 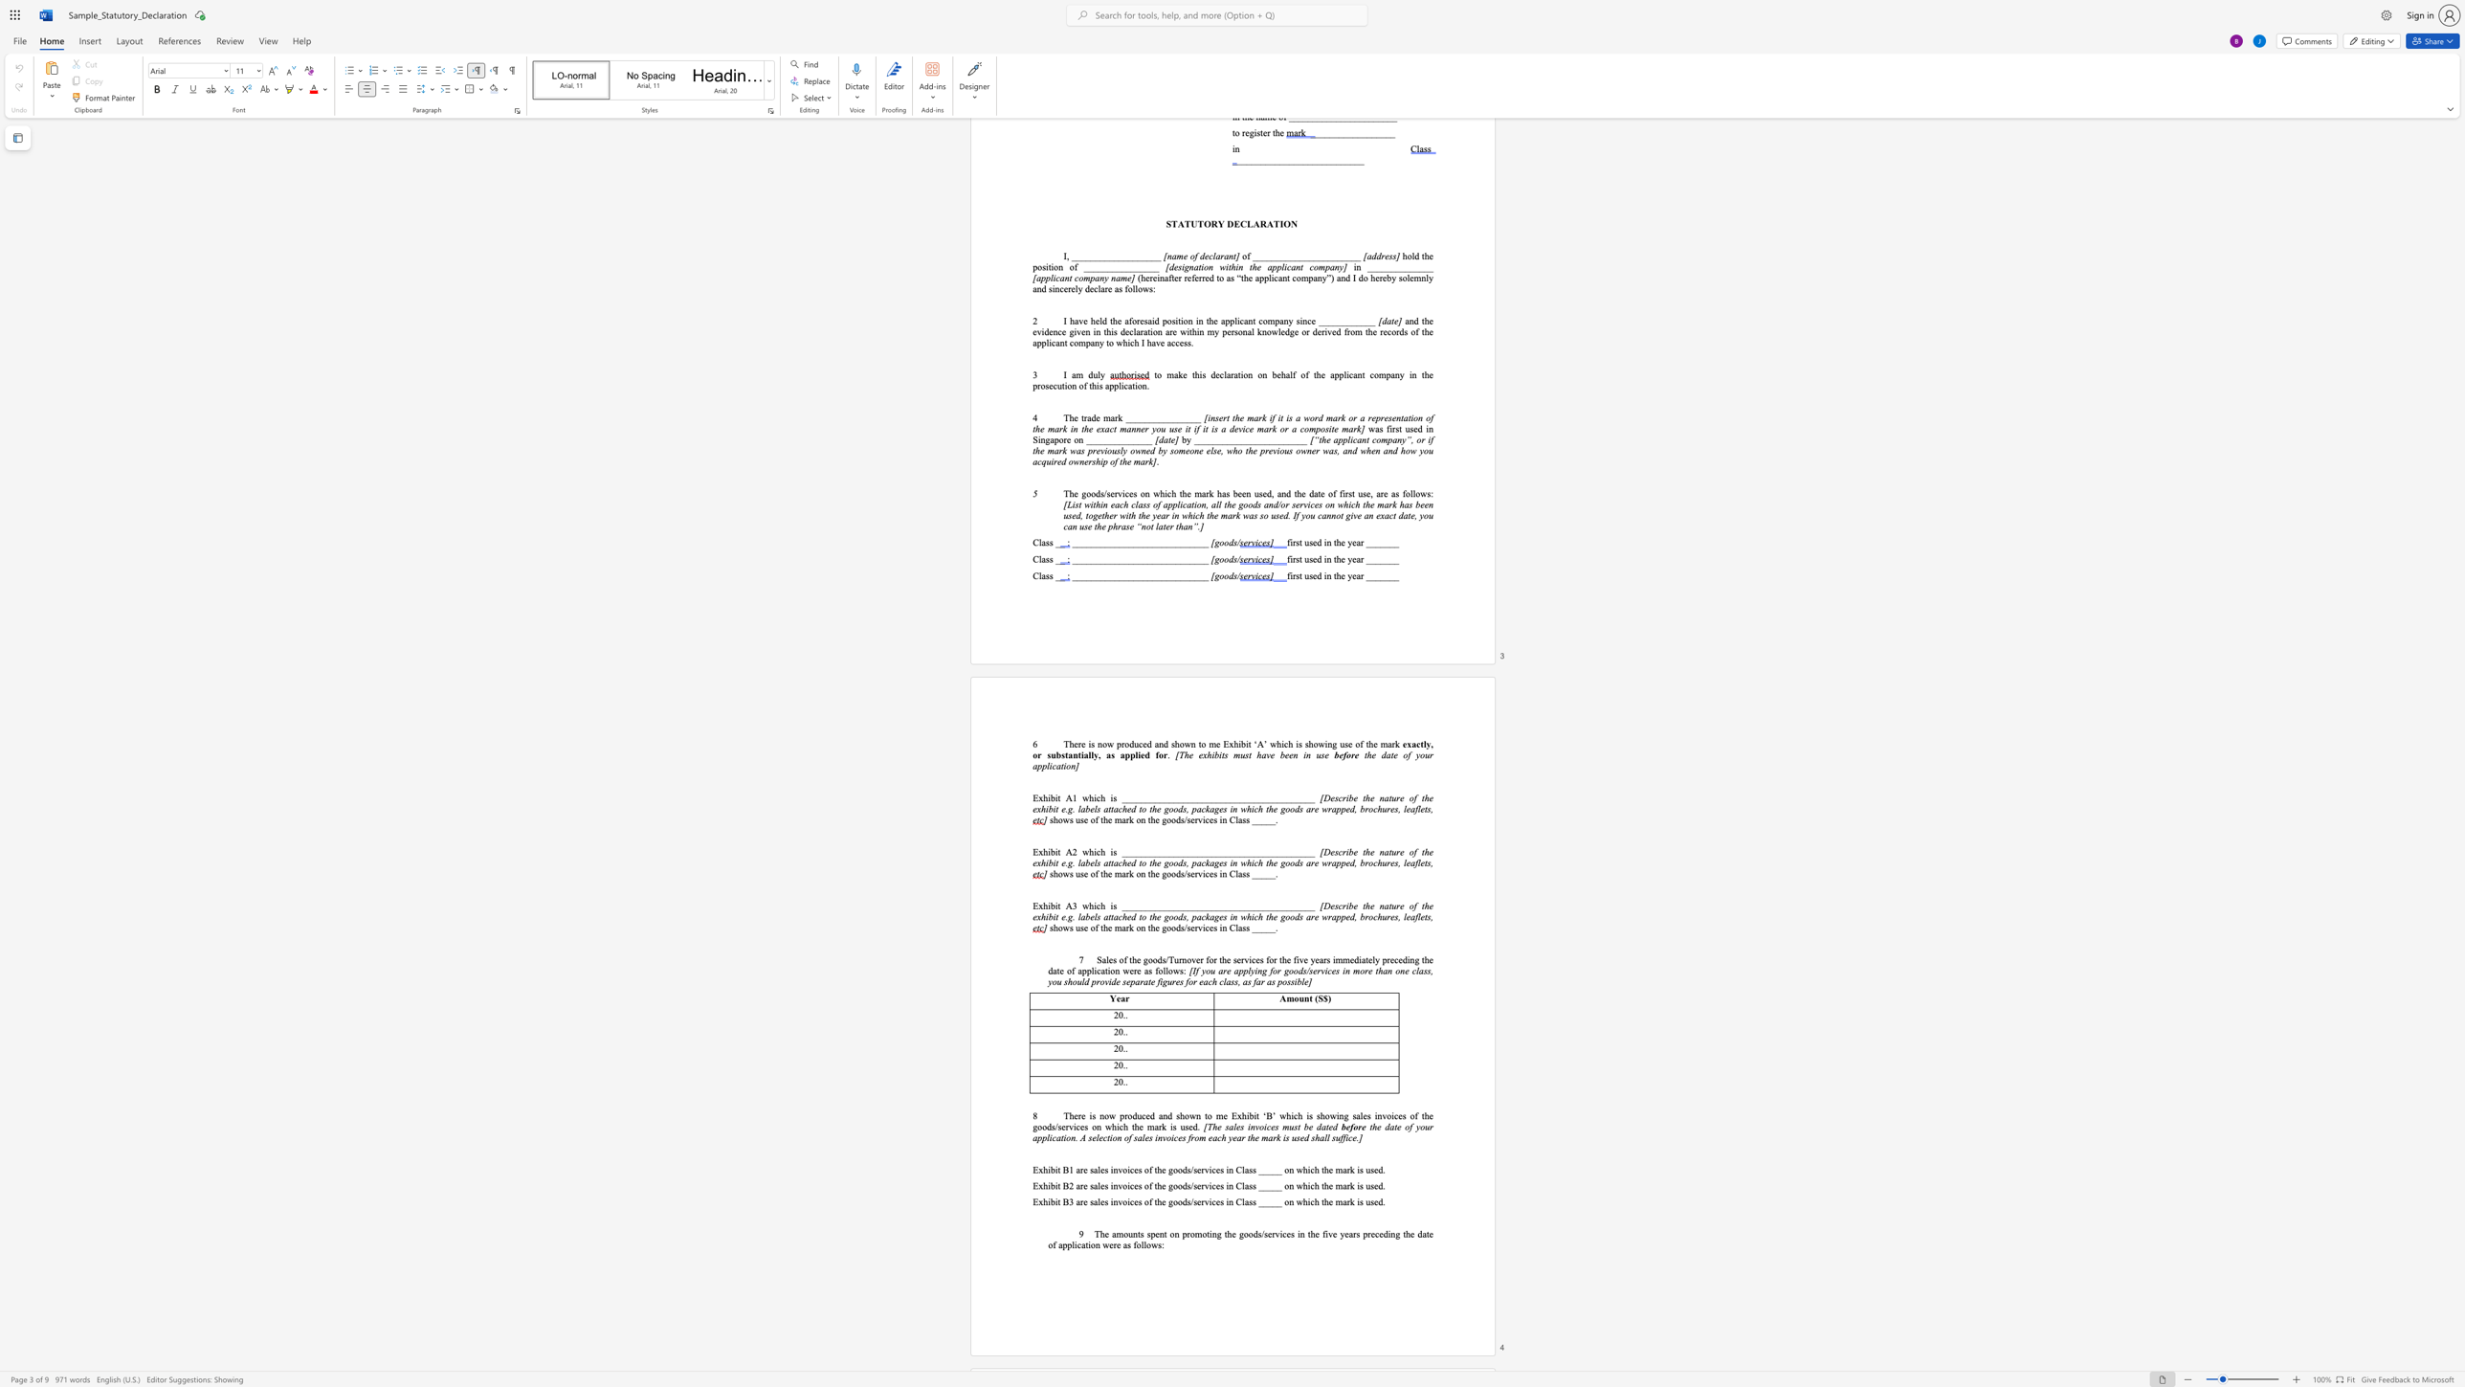 What do you see at coordinates (1424, 905) in the screenshot?
I see `the subset text "he exh" within the text "[Describe the nature of the exhibit"` at bounding box center [1424, 905].